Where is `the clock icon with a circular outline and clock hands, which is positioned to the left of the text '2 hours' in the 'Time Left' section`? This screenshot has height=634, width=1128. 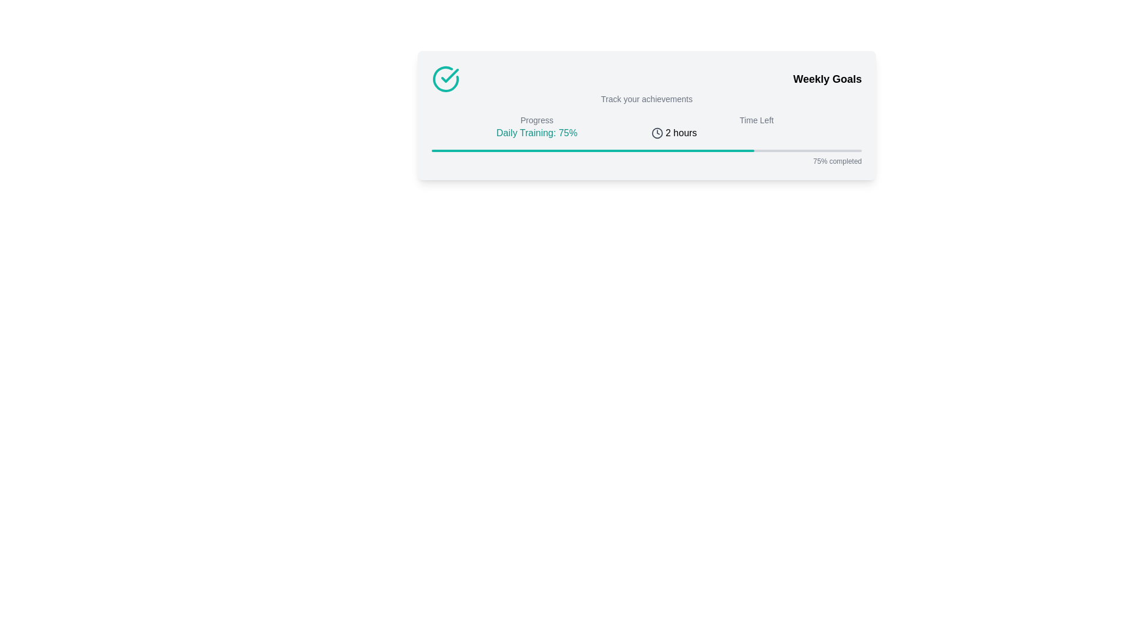
the clock icon with a circular outline and clock hands, which is positioned to the left of the text '2 hours' in the 'Time Left' section is located at coordinates (656, 133).